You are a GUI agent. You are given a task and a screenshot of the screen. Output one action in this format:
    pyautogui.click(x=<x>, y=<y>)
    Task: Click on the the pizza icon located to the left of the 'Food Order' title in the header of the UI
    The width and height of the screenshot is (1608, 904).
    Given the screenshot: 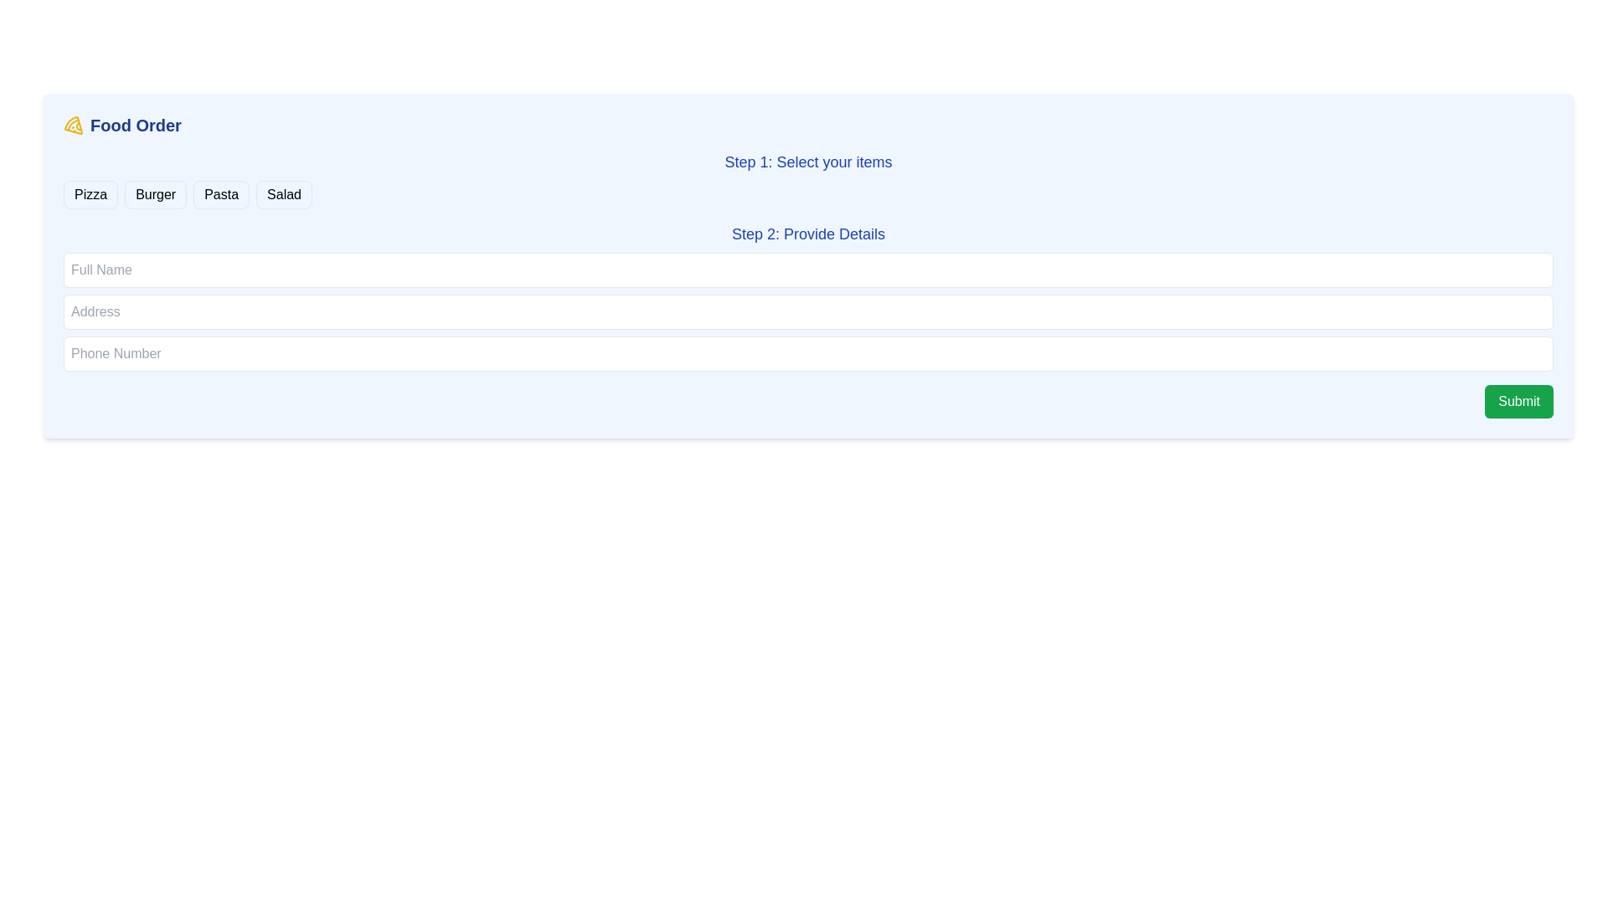 What is the action you would take?
    pyautogui.click(x=72, y=125)
    